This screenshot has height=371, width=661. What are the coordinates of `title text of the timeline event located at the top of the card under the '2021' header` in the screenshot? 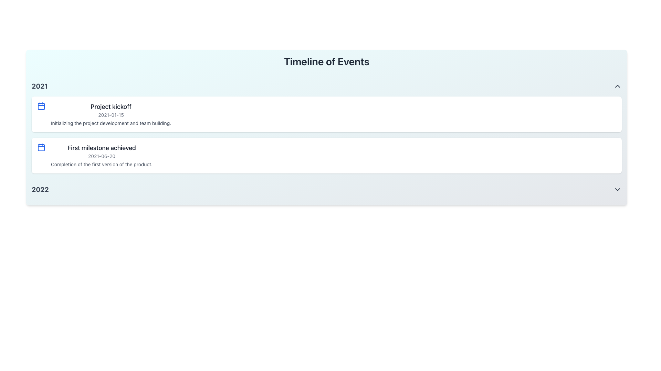 It's located at (111, 107).